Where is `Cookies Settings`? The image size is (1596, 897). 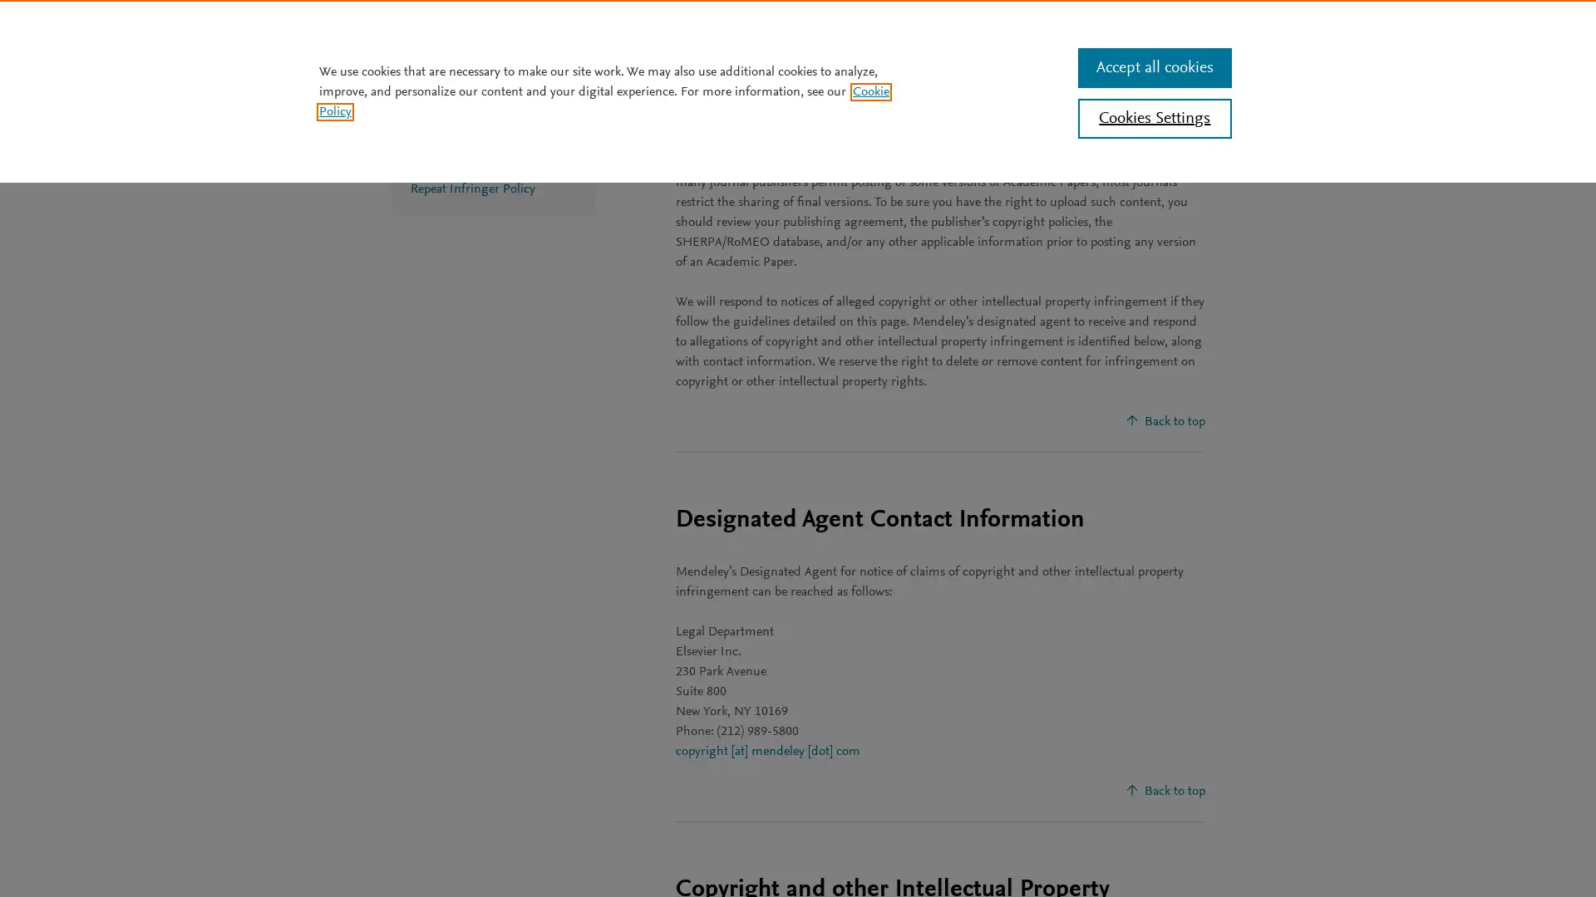
Cookies Settings is located at coordinates (1153, 117).